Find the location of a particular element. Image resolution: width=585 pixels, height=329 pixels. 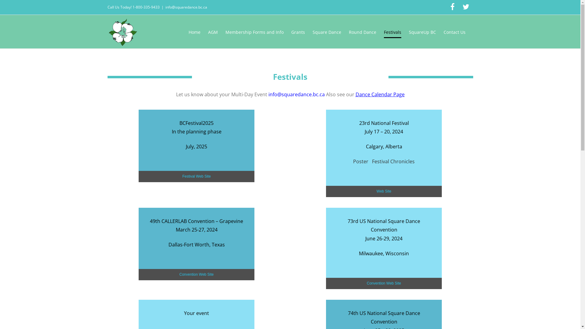

'Poster' is located at coordinates (361, 161).